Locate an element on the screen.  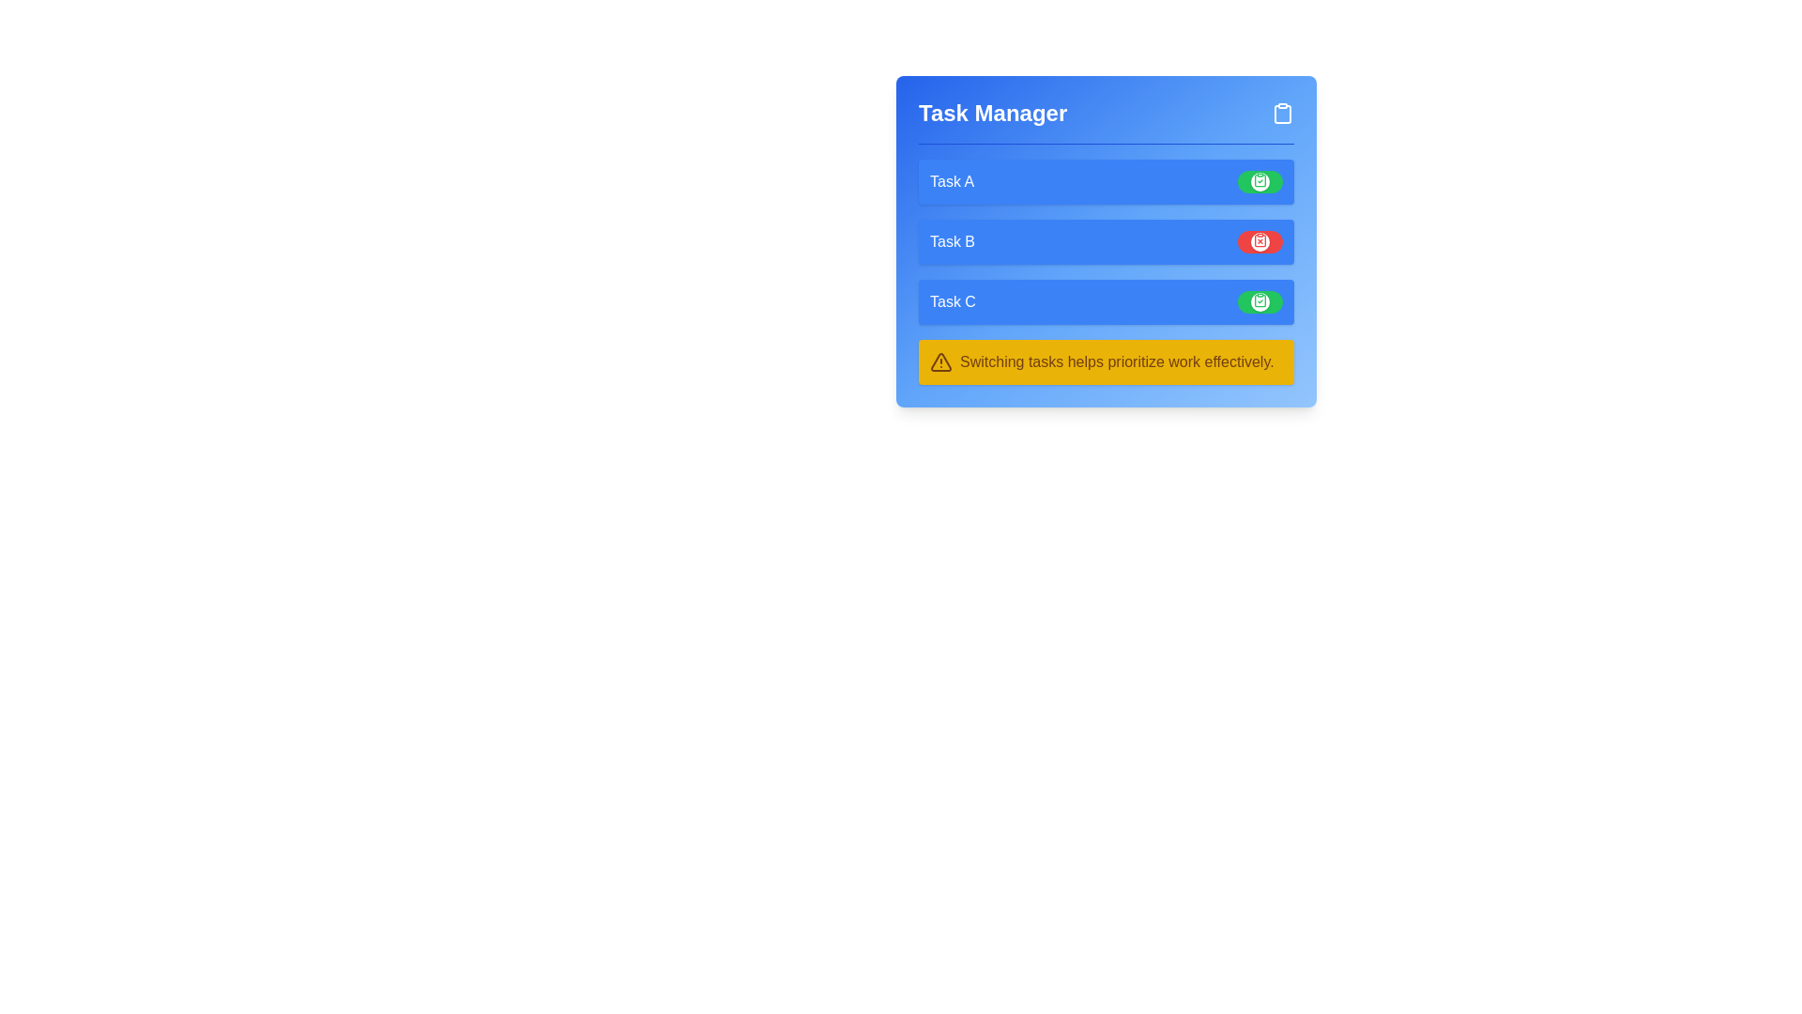
the static label displaying the name or title of the associated task located in the first task card of the Task Manager interface, aligned to the left of the toggle switch is located at coordinates (952, 181).